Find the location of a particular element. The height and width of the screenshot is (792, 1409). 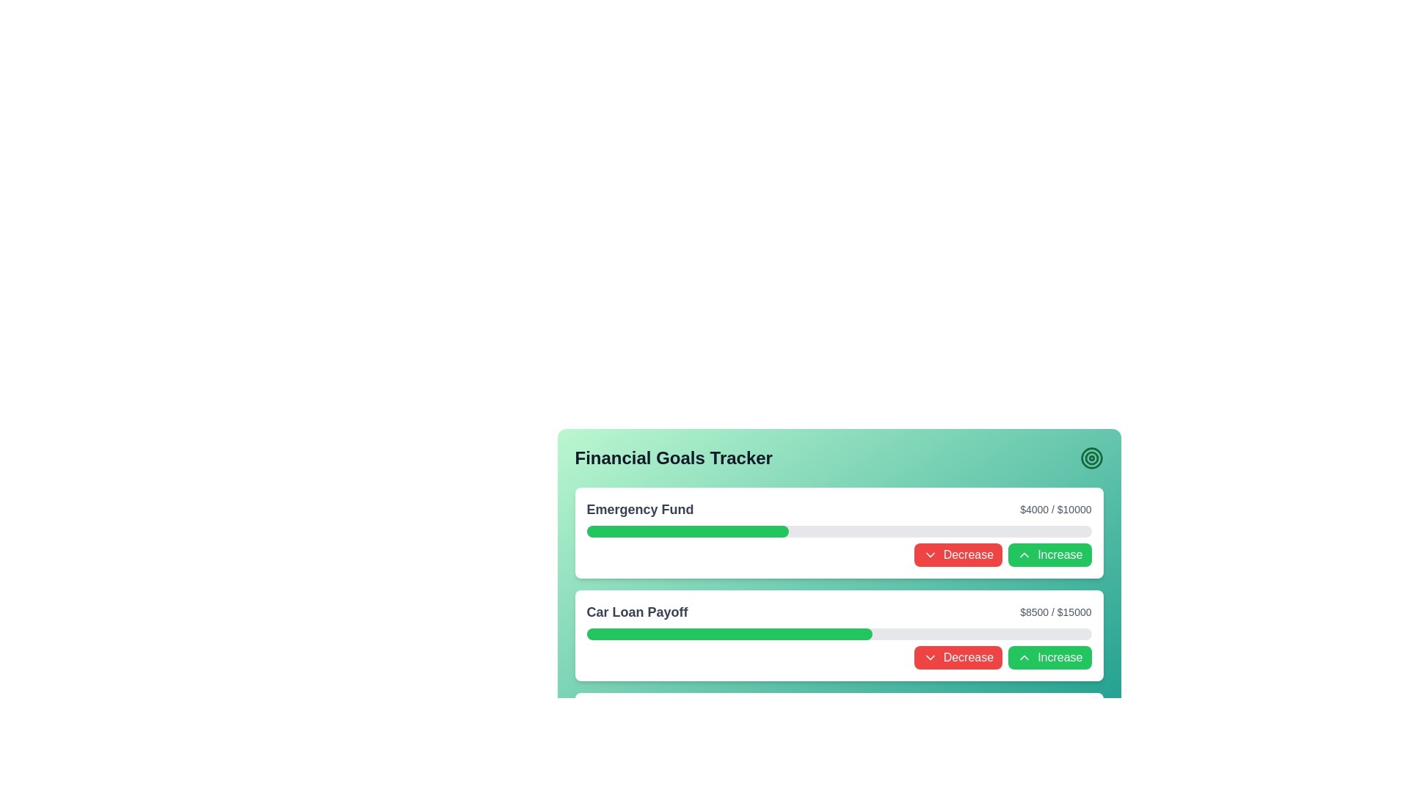

the details of the target icon with concentric circles in green and white located in the top-right corner of the 'Financial Goals Tracker' section is located at coordinates (1091, 457).